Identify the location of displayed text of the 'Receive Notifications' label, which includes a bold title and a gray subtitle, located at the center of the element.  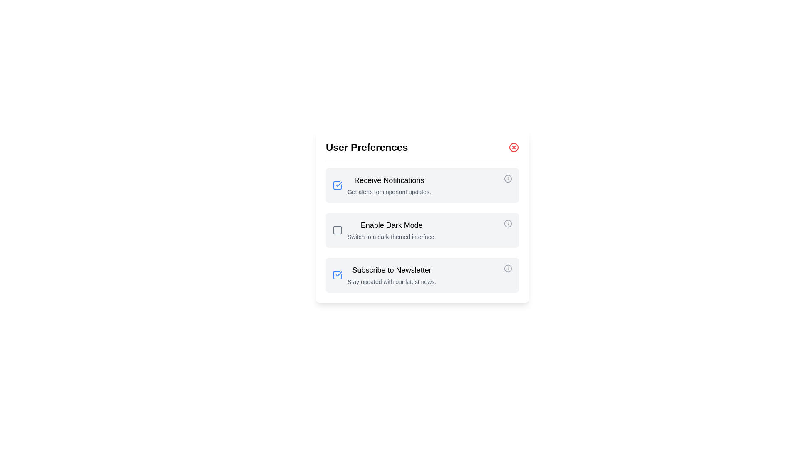
(389, 185).